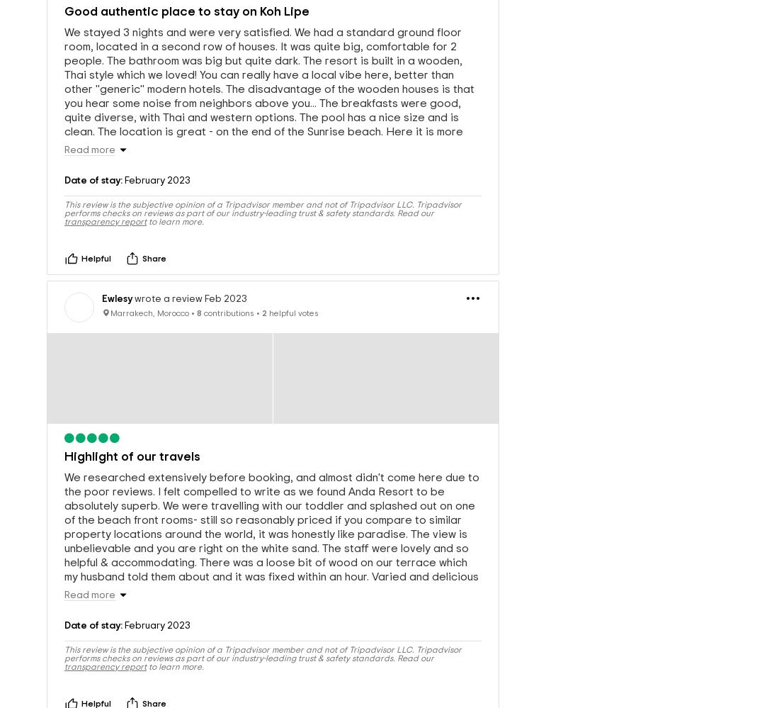  What do you see at coordinates (189, 275) in the screenshot?
I see `'wrote a review Feb 2023'` at bounding box center [189, 275].